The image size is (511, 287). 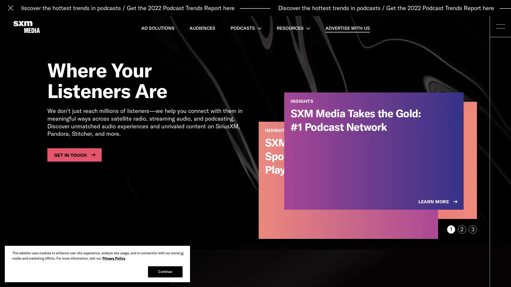 What do you see at coordinates (165, 272) in the screenshot?
I see `Continue` at bounding box center [165, 272].